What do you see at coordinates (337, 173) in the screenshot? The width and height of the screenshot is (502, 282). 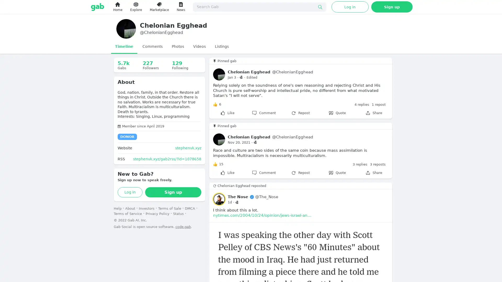 I see `Quote` at bounding box center [337, 173].